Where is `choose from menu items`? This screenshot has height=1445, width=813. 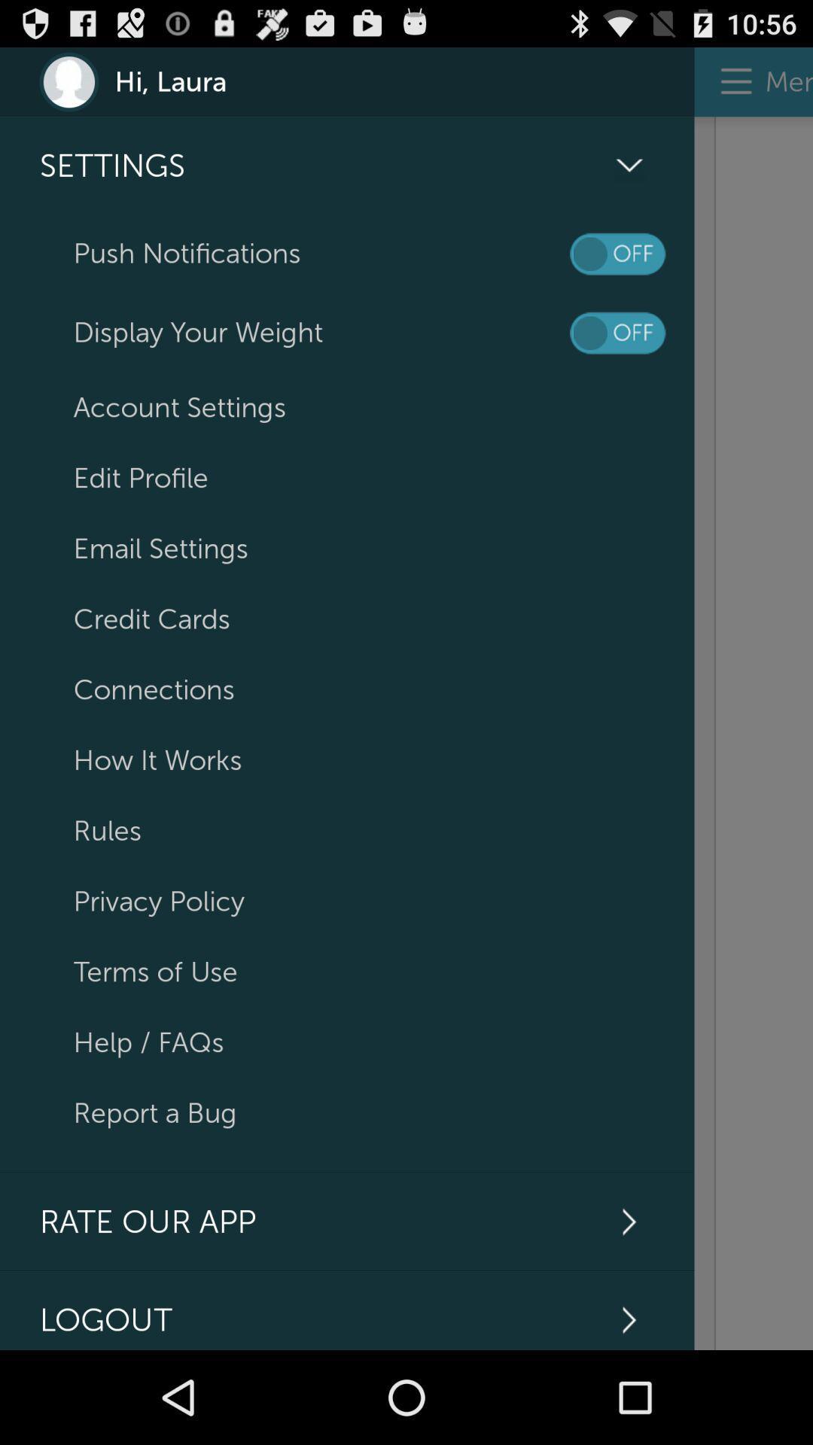
choose from menu items is located at coordinates (754, 733).